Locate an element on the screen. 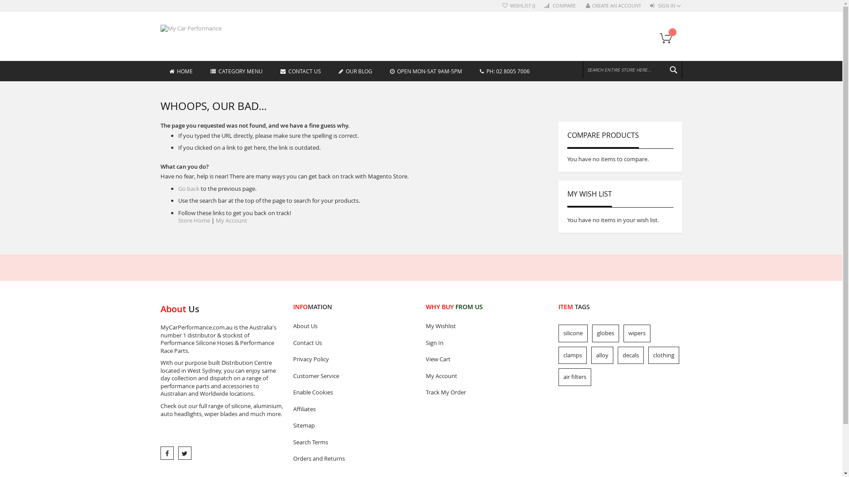 This screenshot has height=477, width=849. 'OUR BLOG' is located at coordinates (356, 70).